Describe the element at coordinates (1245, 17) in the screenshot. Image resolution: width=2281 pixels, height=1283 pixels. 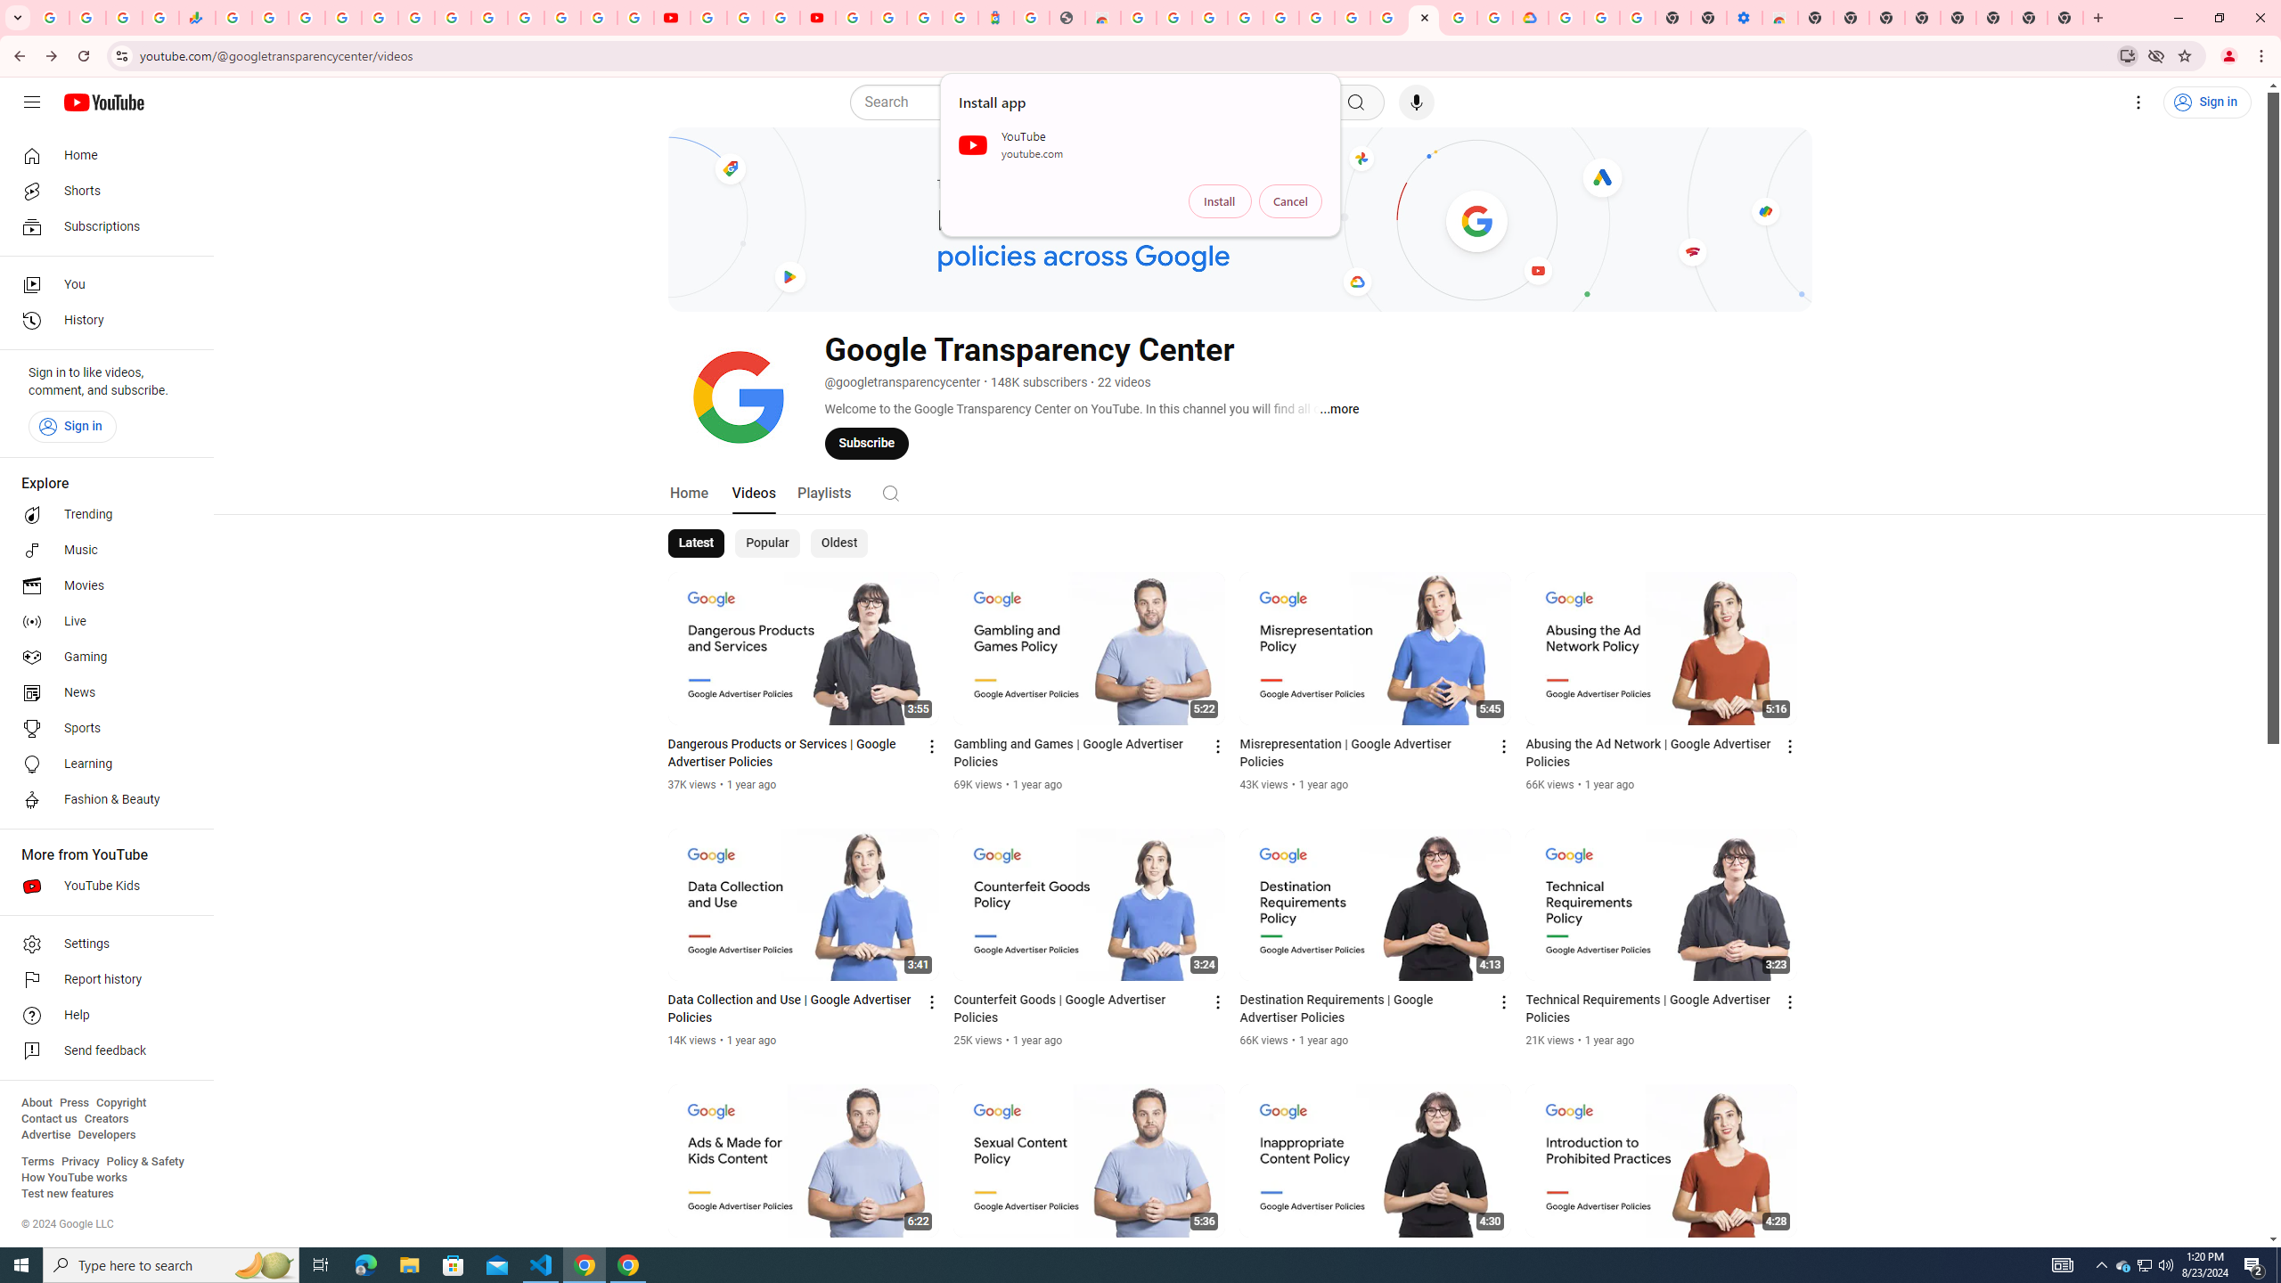
I see `'Ad Settings'` at that location.